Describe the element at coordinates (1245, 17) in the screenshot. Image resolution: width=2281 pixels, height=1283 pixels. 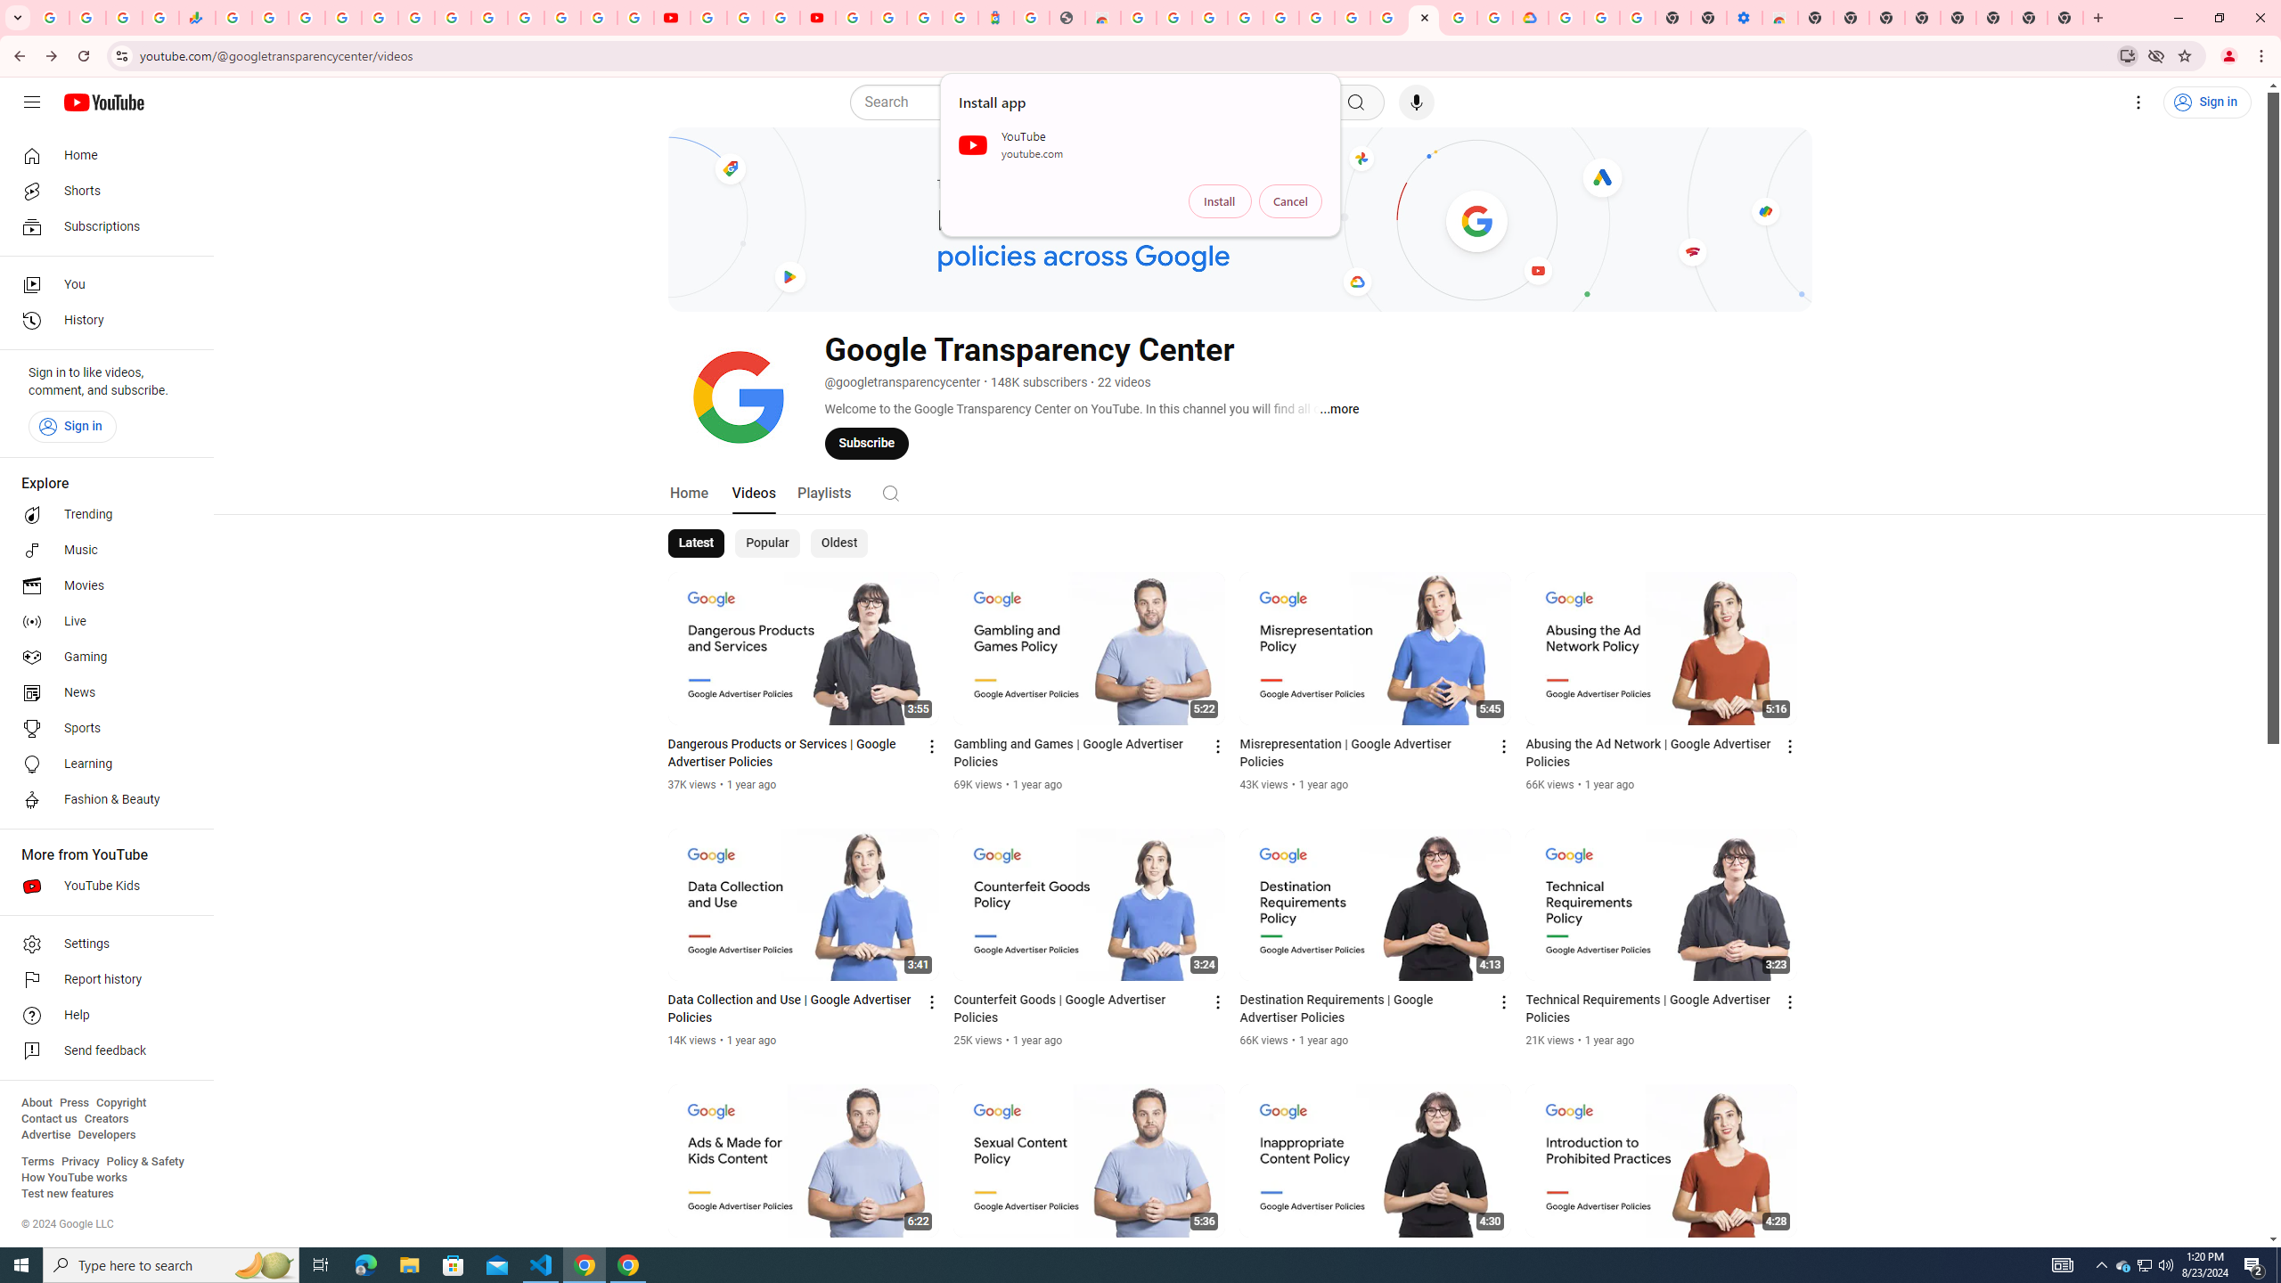
I see `'Ad Settings'` at that location.